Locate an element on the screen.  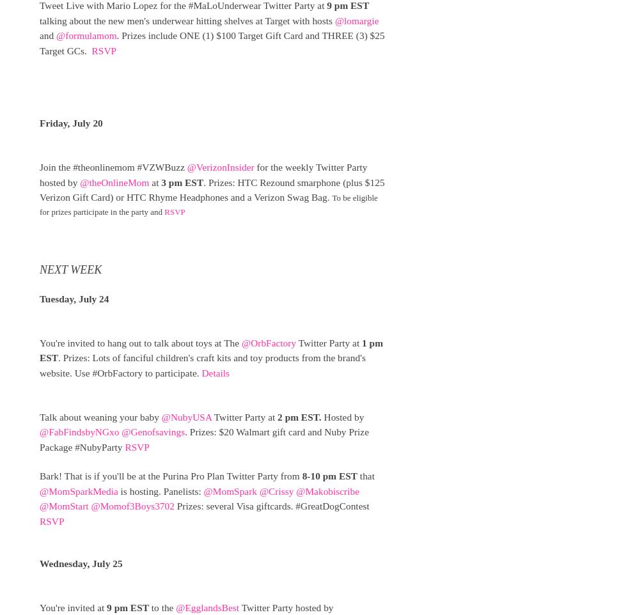
'Wednesday, July 25' is located at coordinates (80, 563).